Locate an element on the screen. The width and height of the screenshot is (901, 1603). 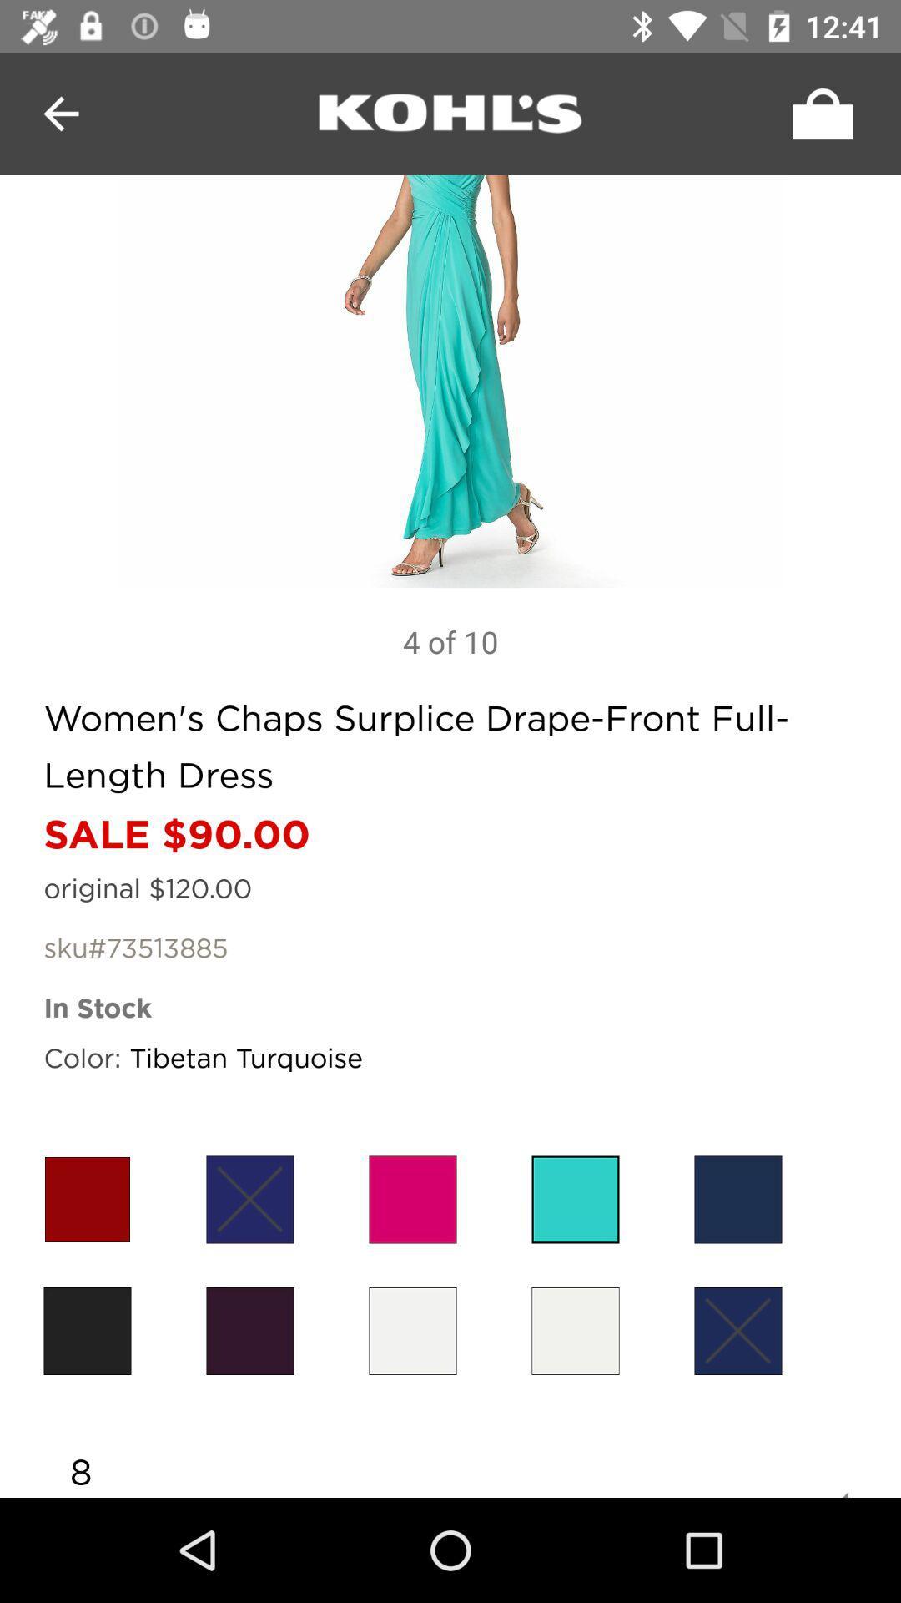
black color is located at coordinates (250, 1330).